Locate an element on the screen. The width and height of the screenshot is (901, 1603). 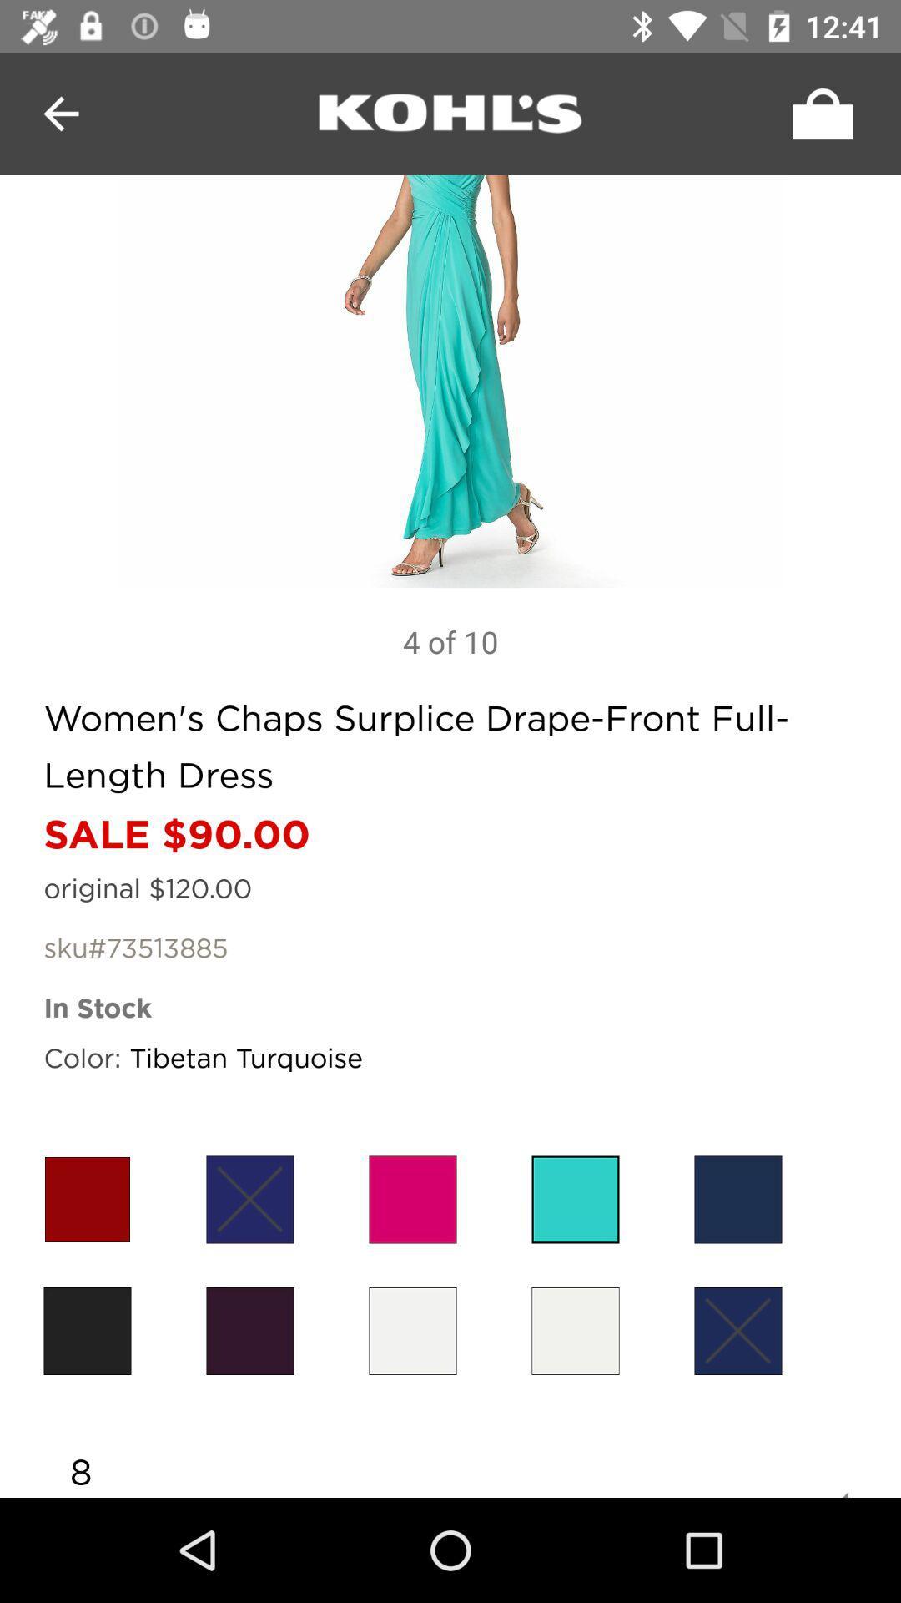
black color is located at coordinates (250, 1330).